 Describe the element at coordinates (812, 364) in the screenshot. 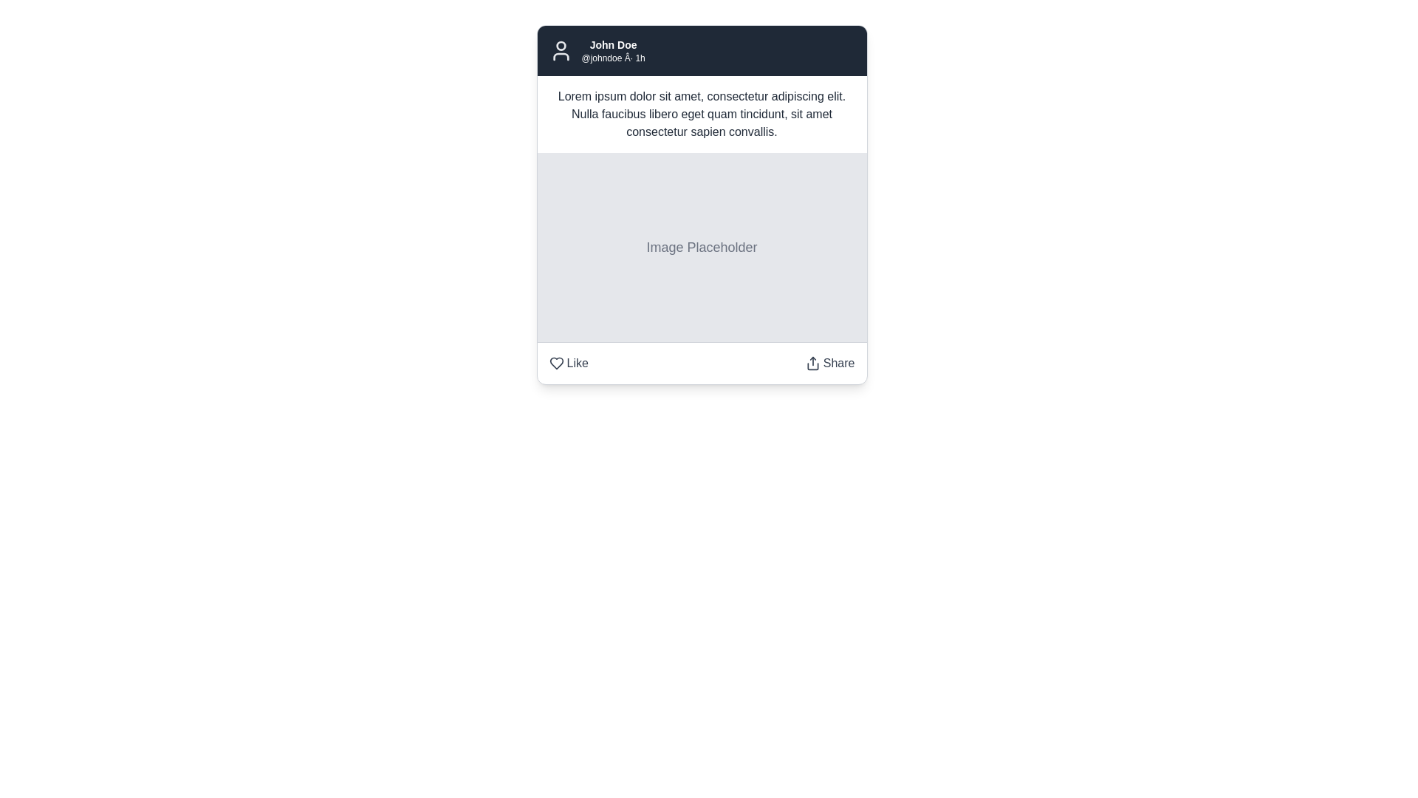

I see `the 'Share' icon located in the footer section of the card-like component to initiate a share action` at that location.